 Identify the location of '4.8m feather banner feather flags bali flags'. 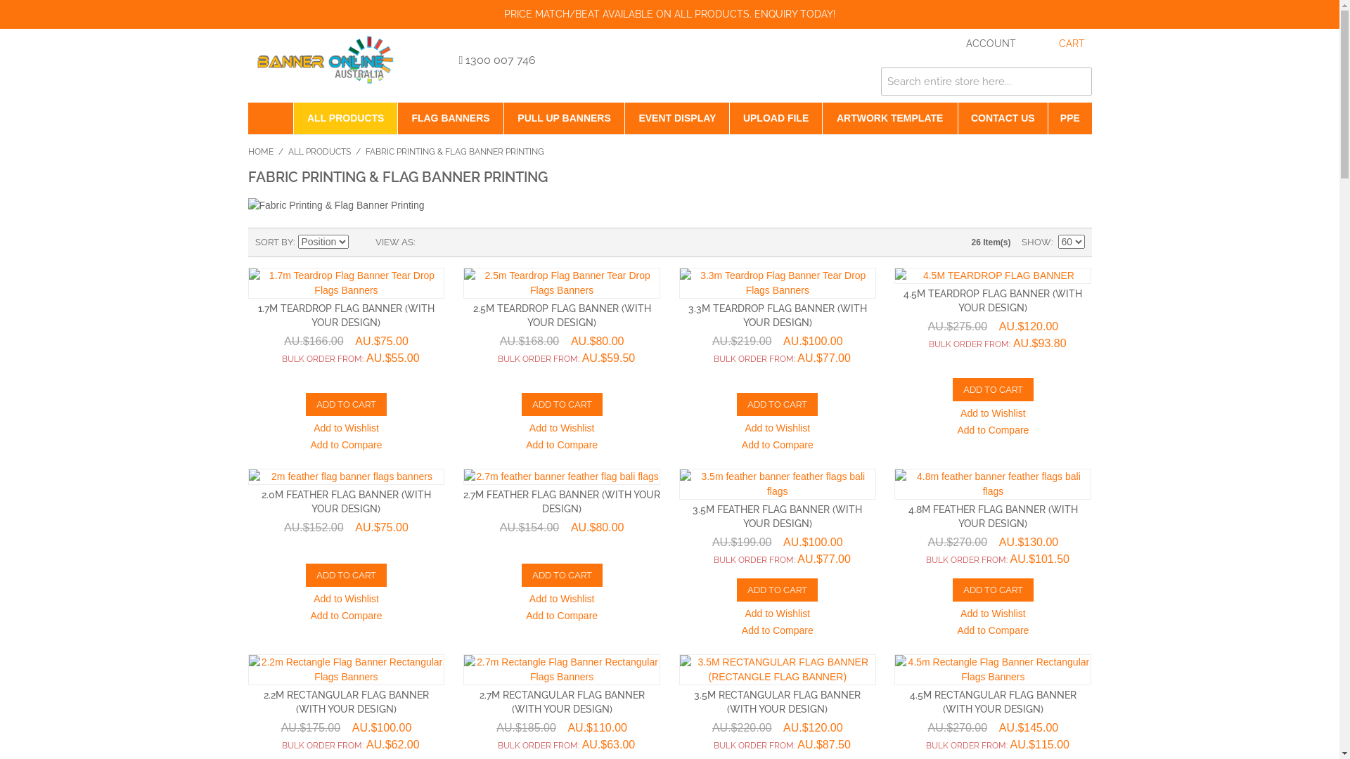
(991, 484).